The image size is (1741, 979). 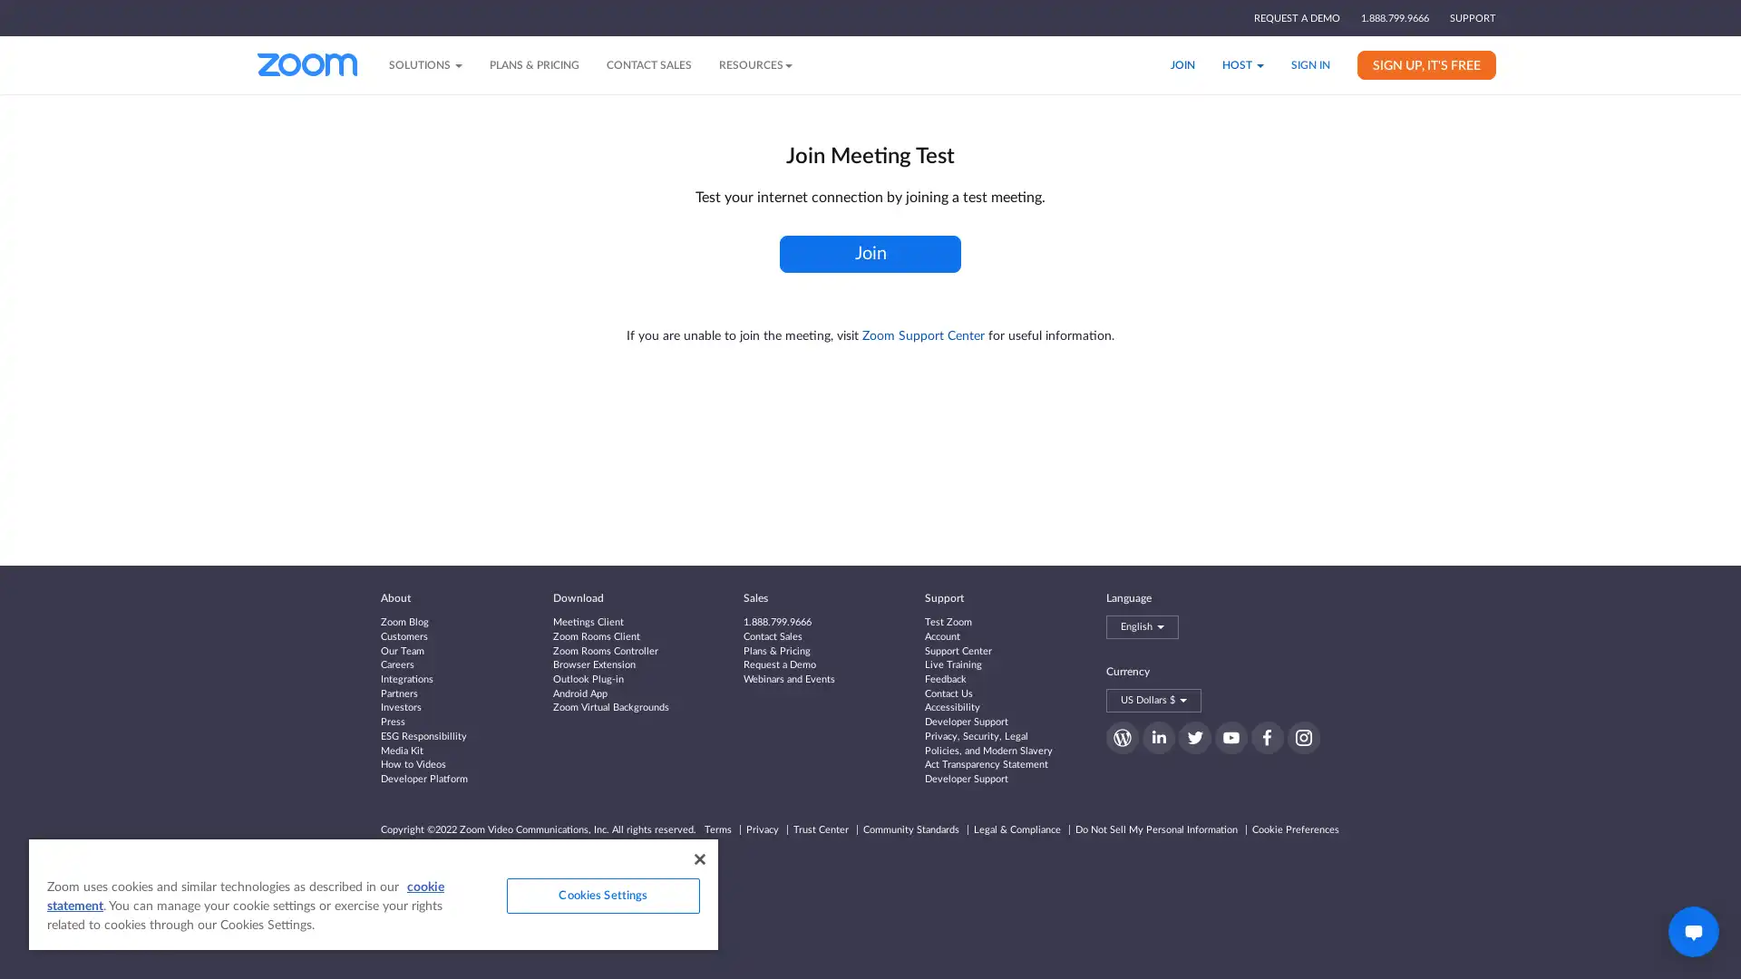 I want to click on Cookies Settings, so click(x=602, y=895).